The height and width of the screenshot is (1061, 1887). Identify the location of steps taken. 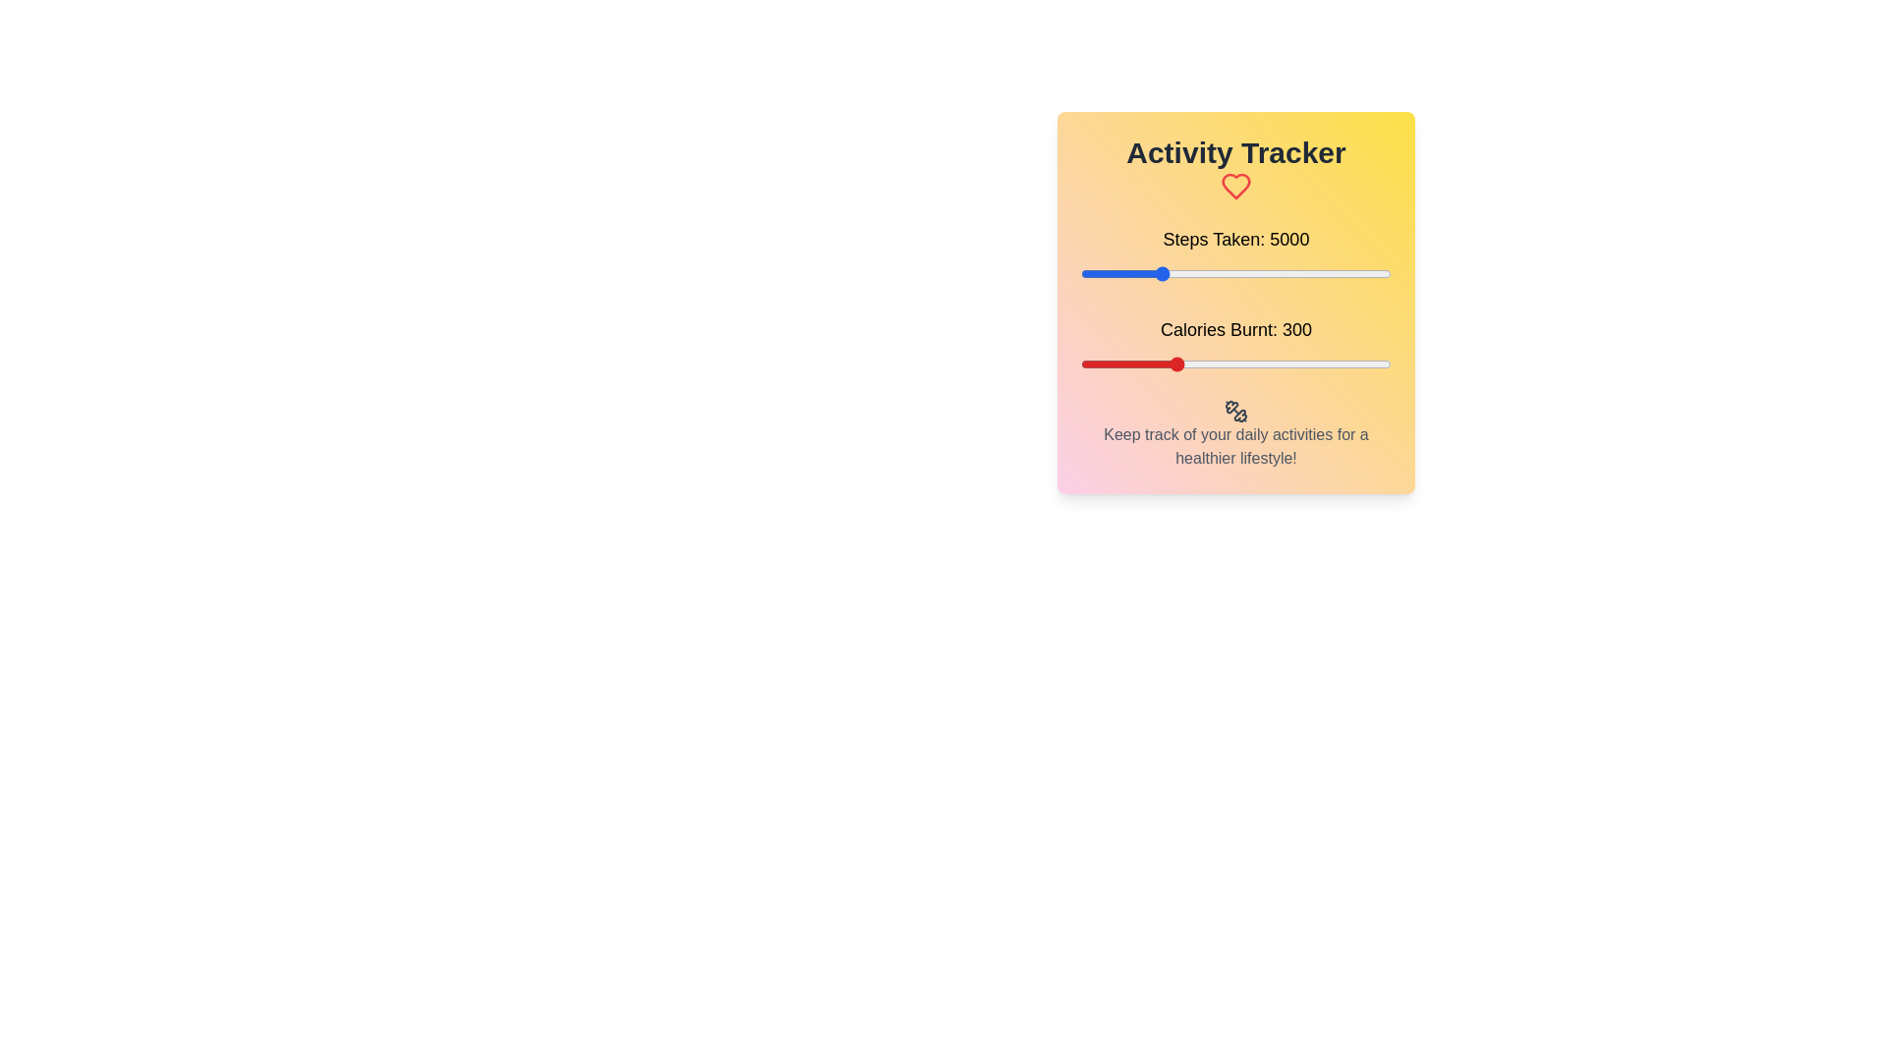
(1185, 273).